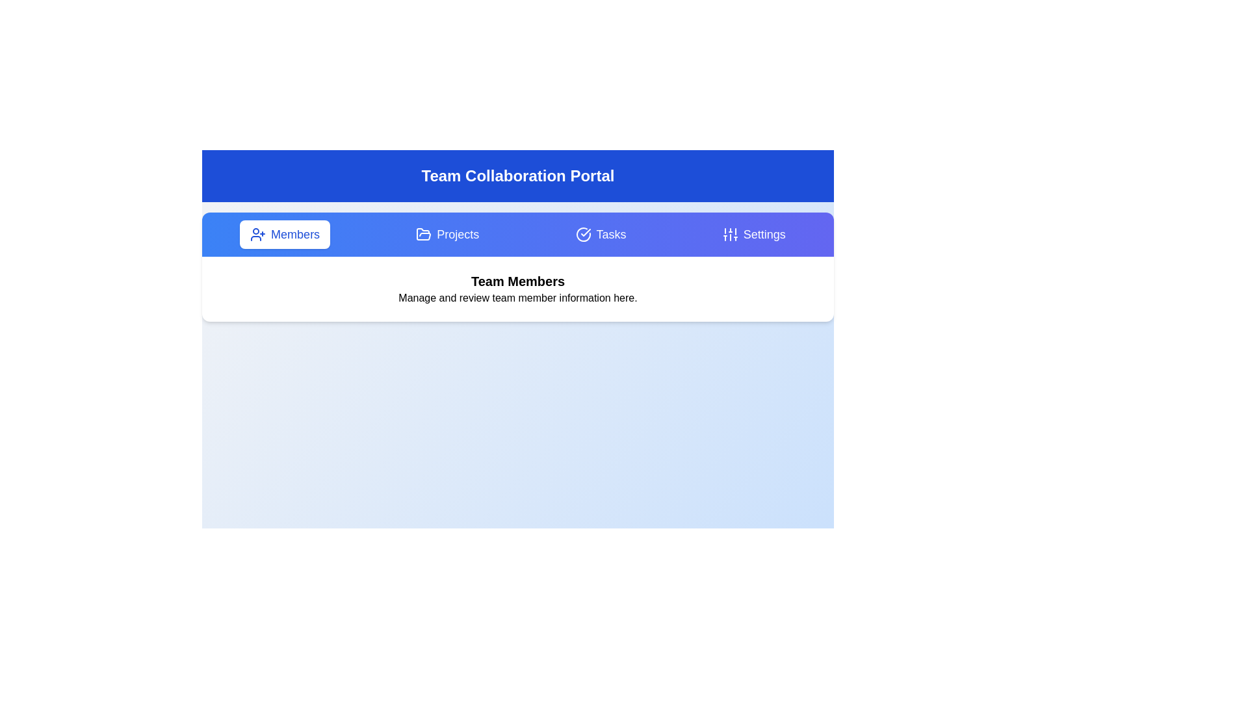  What do you see at coordinates (517, 175) in the screenshot?
I see `the static text element that serves as the title or header for the portal interface, which is centrally aligned within a horizontal dark blue bar at the top of the application` at bounding box center [517, 175].